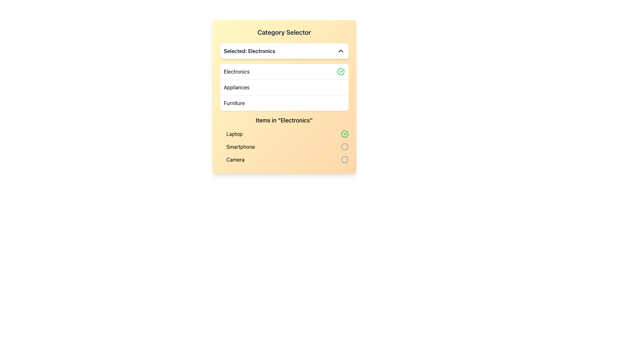  What do you see at coordinates (234, 102) in the screenshot?
I see `the 'Furniture' text label, which is the third item in the selectable list under the 'Category Selector' dropdown` at bounding box center [234, 102].